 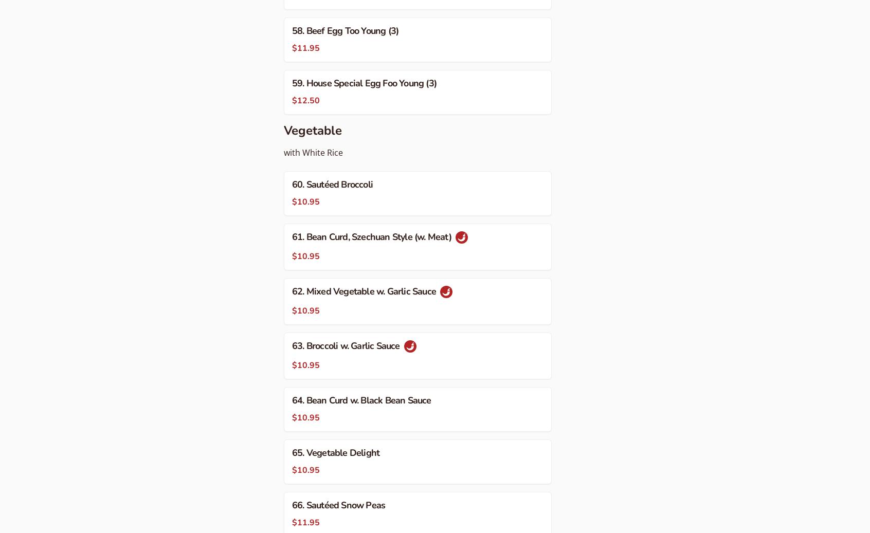 I want to click on 'with White Rice', so click(x=283, y=152).